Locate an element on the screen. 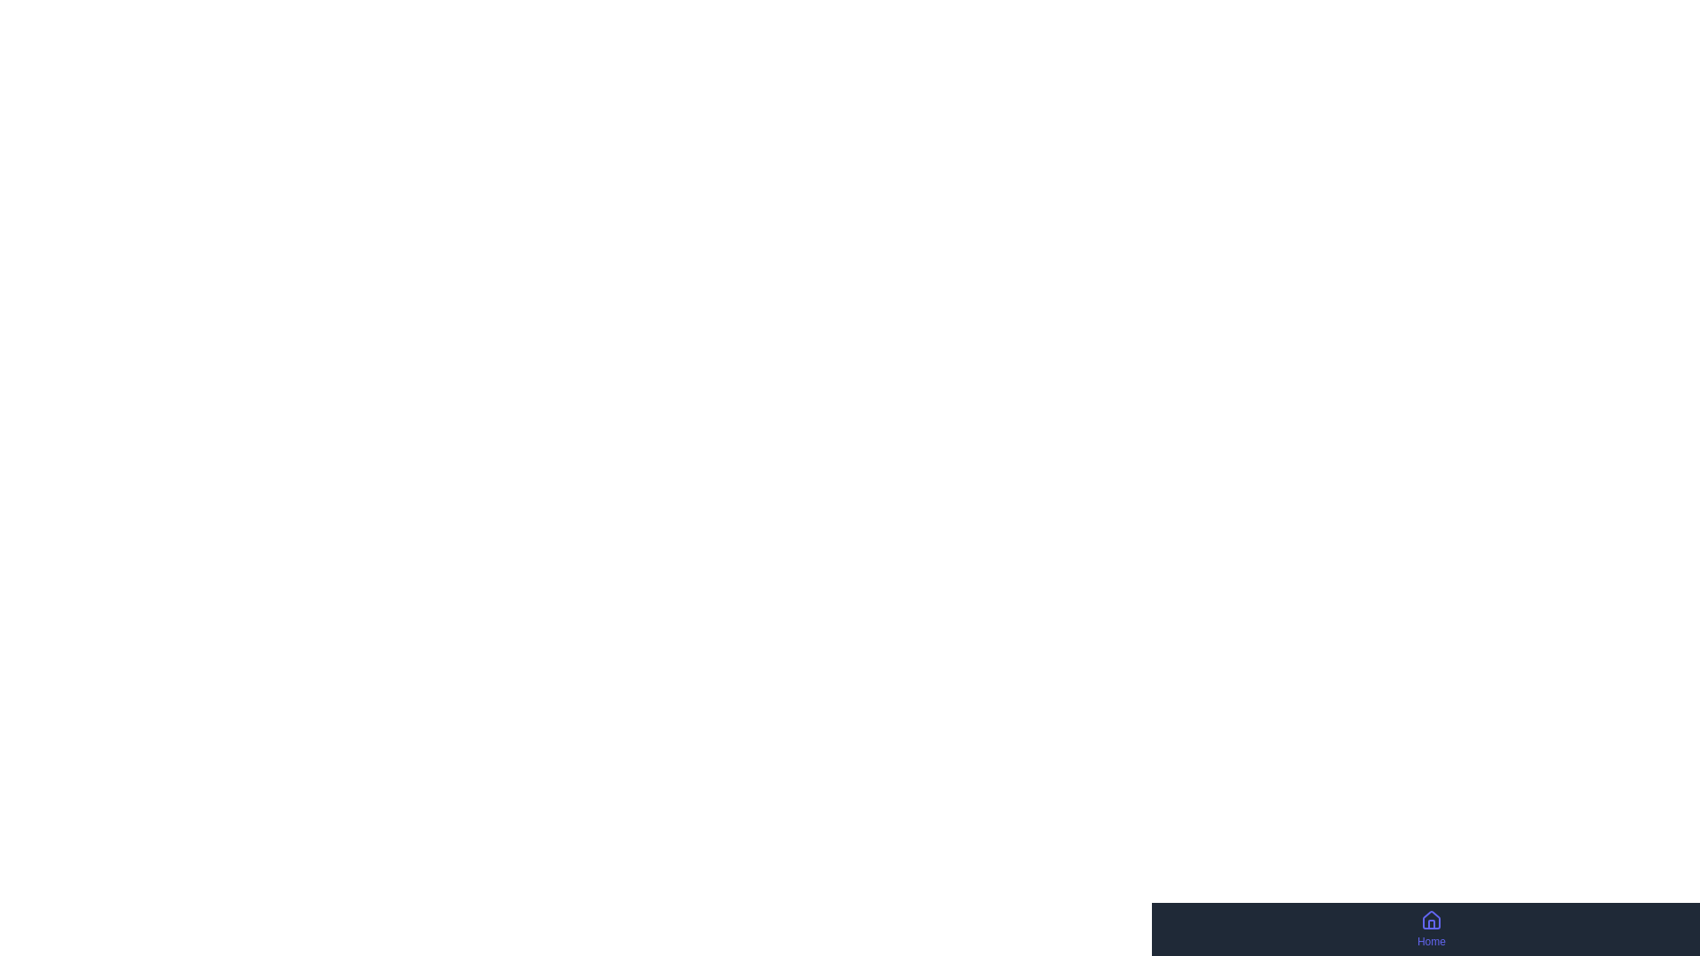  the 'Home' button, which is the first button with a house icon and 'Home' text in indigo color is located at coordinates (1431, 928).